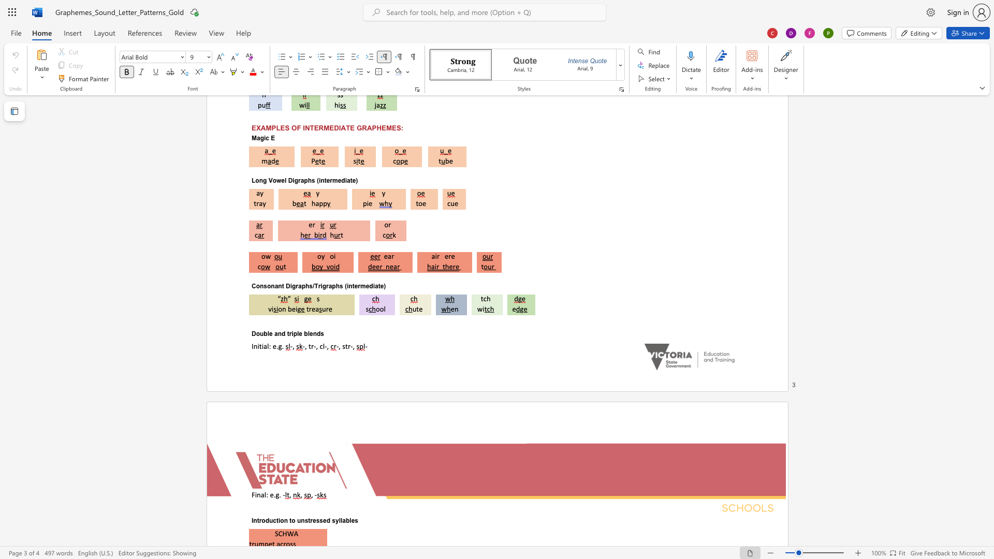 The width and height of the screenshot is (994, 559). I want to click on the 3th character "," in the text, so click(327, 346).